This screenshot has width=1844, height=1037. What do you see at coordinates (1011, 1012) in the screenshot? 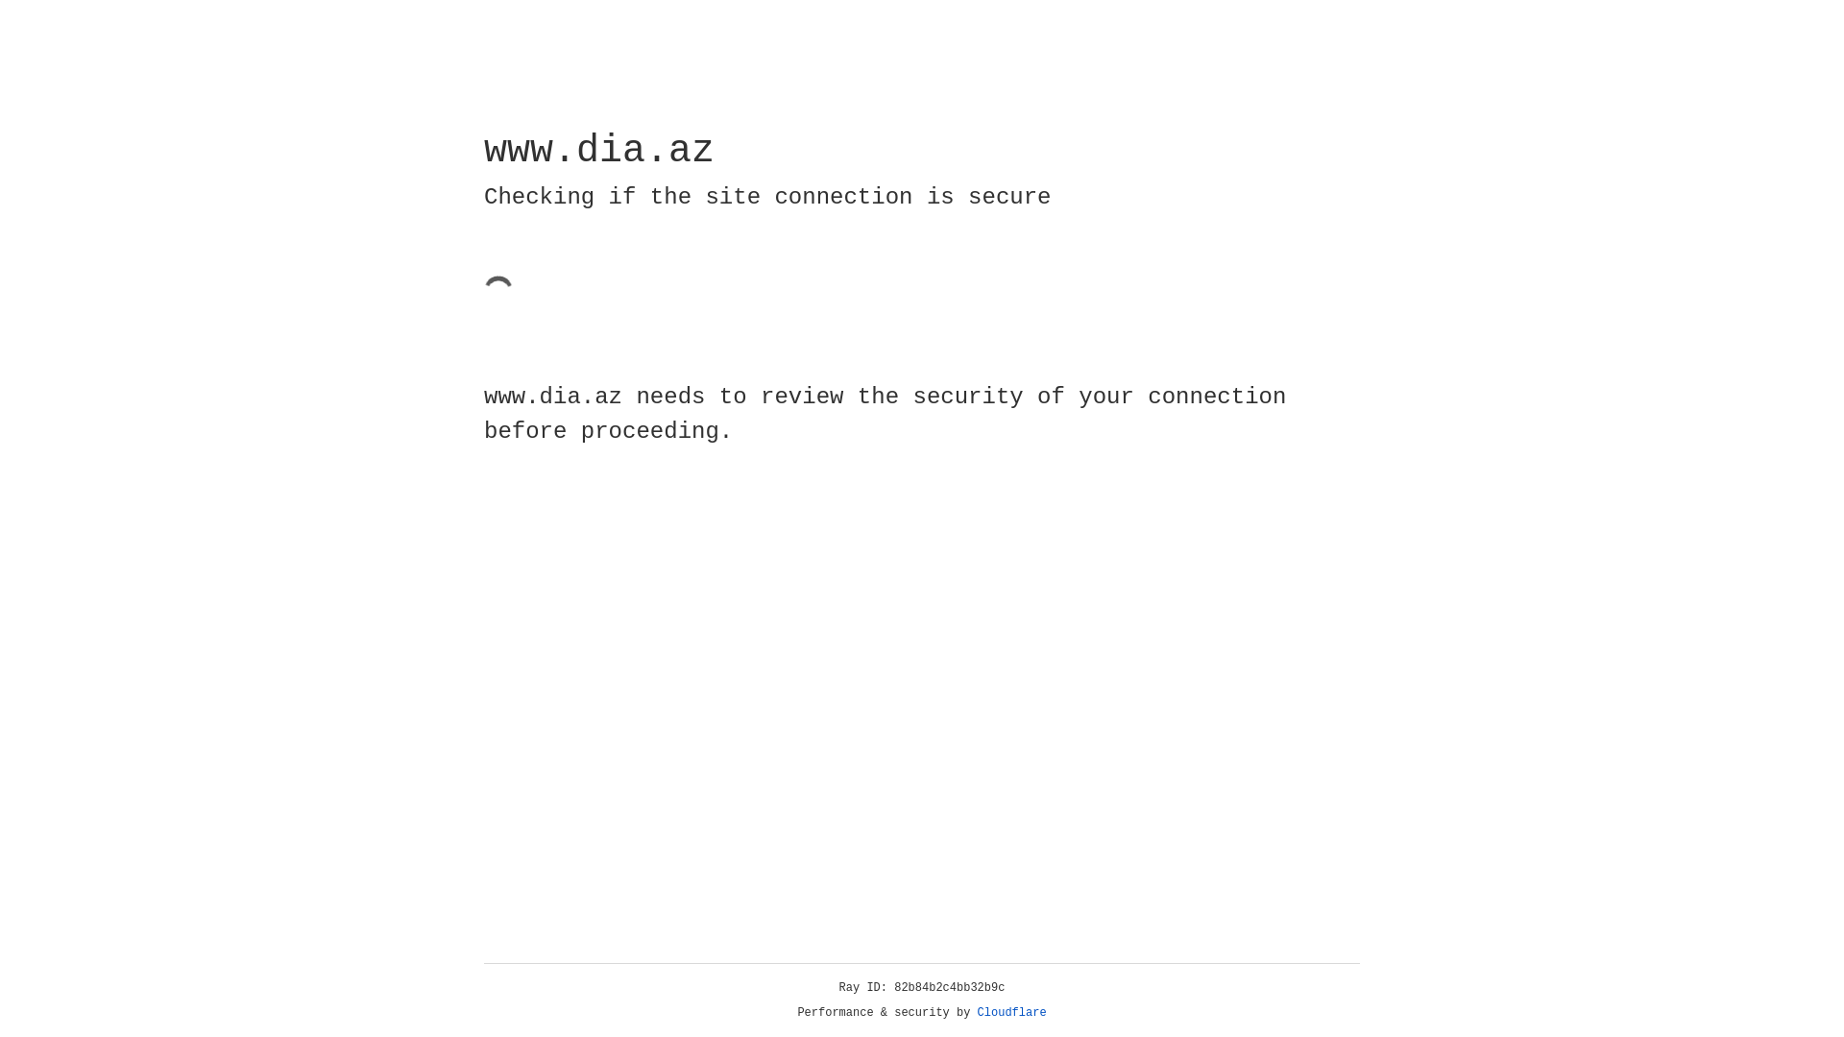
I see `'Cloudflare'` at bounding box center [1011, 1012].